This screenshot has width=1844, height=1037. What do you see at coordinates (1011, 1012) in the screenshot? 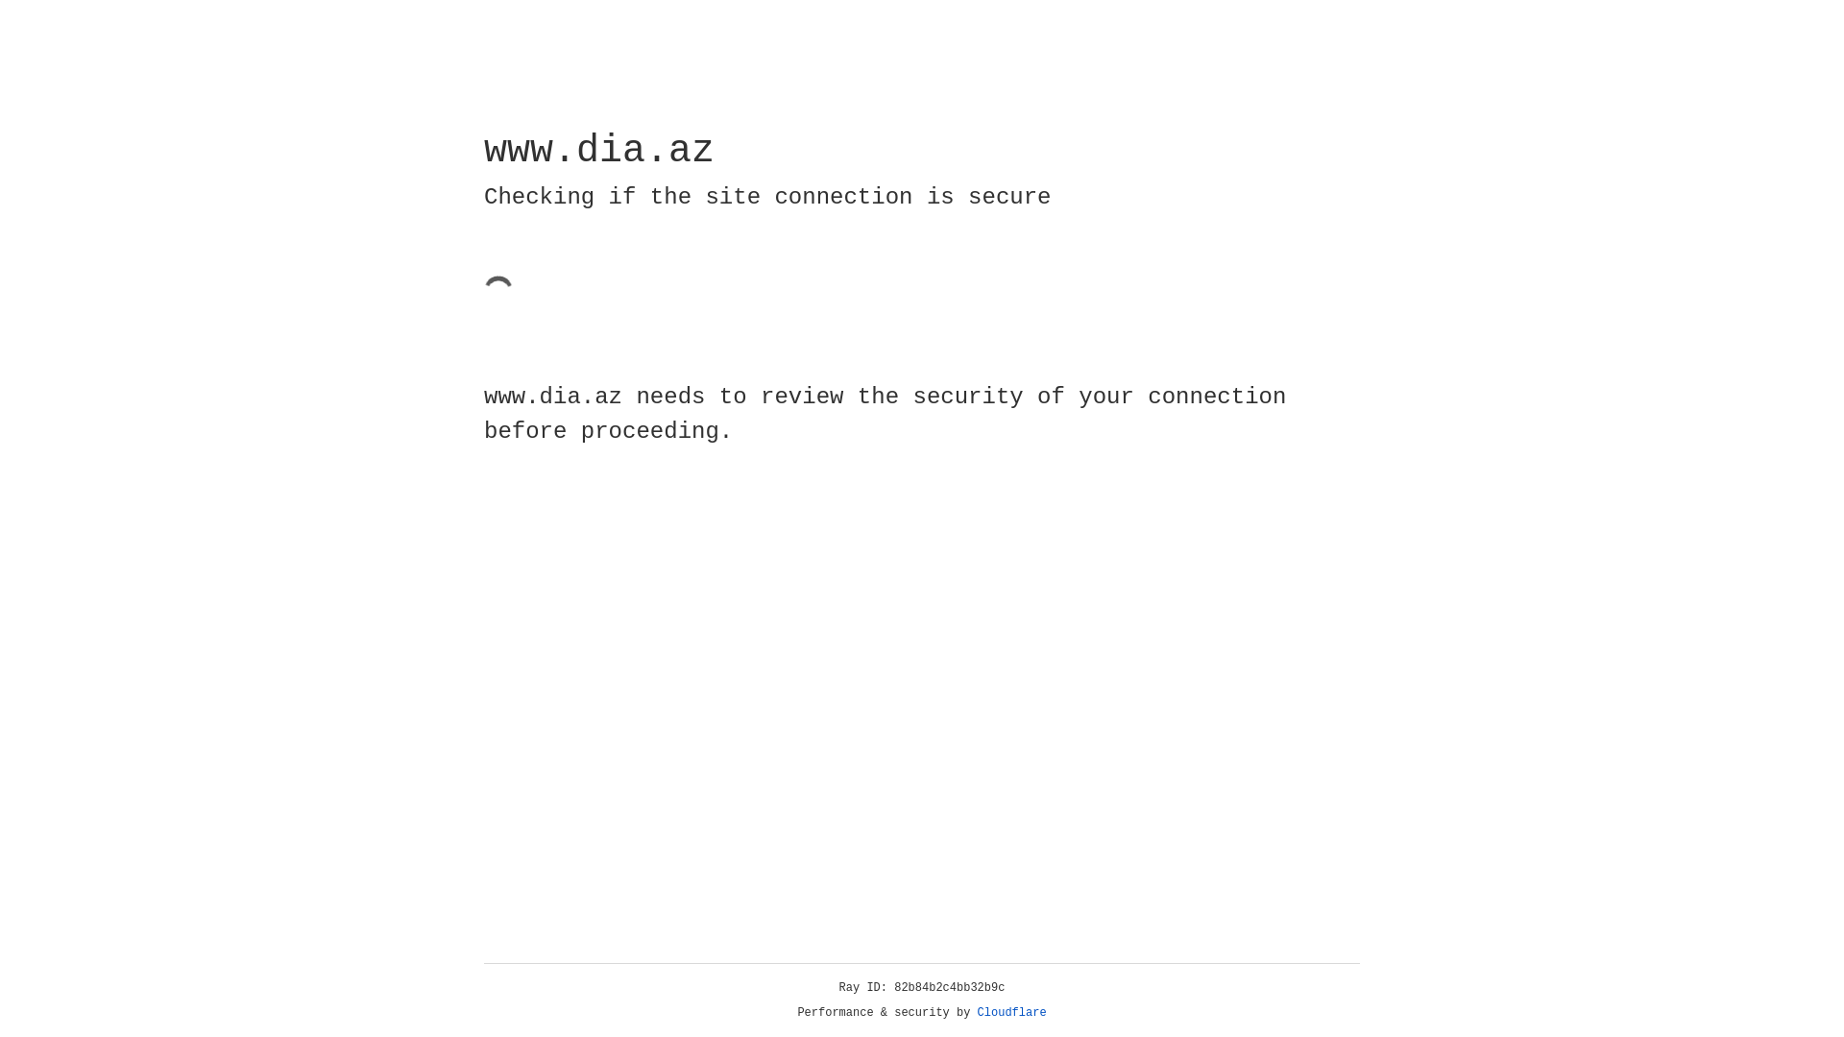
I see `'Cloudflare'` at bounding box center [1011, 1012].